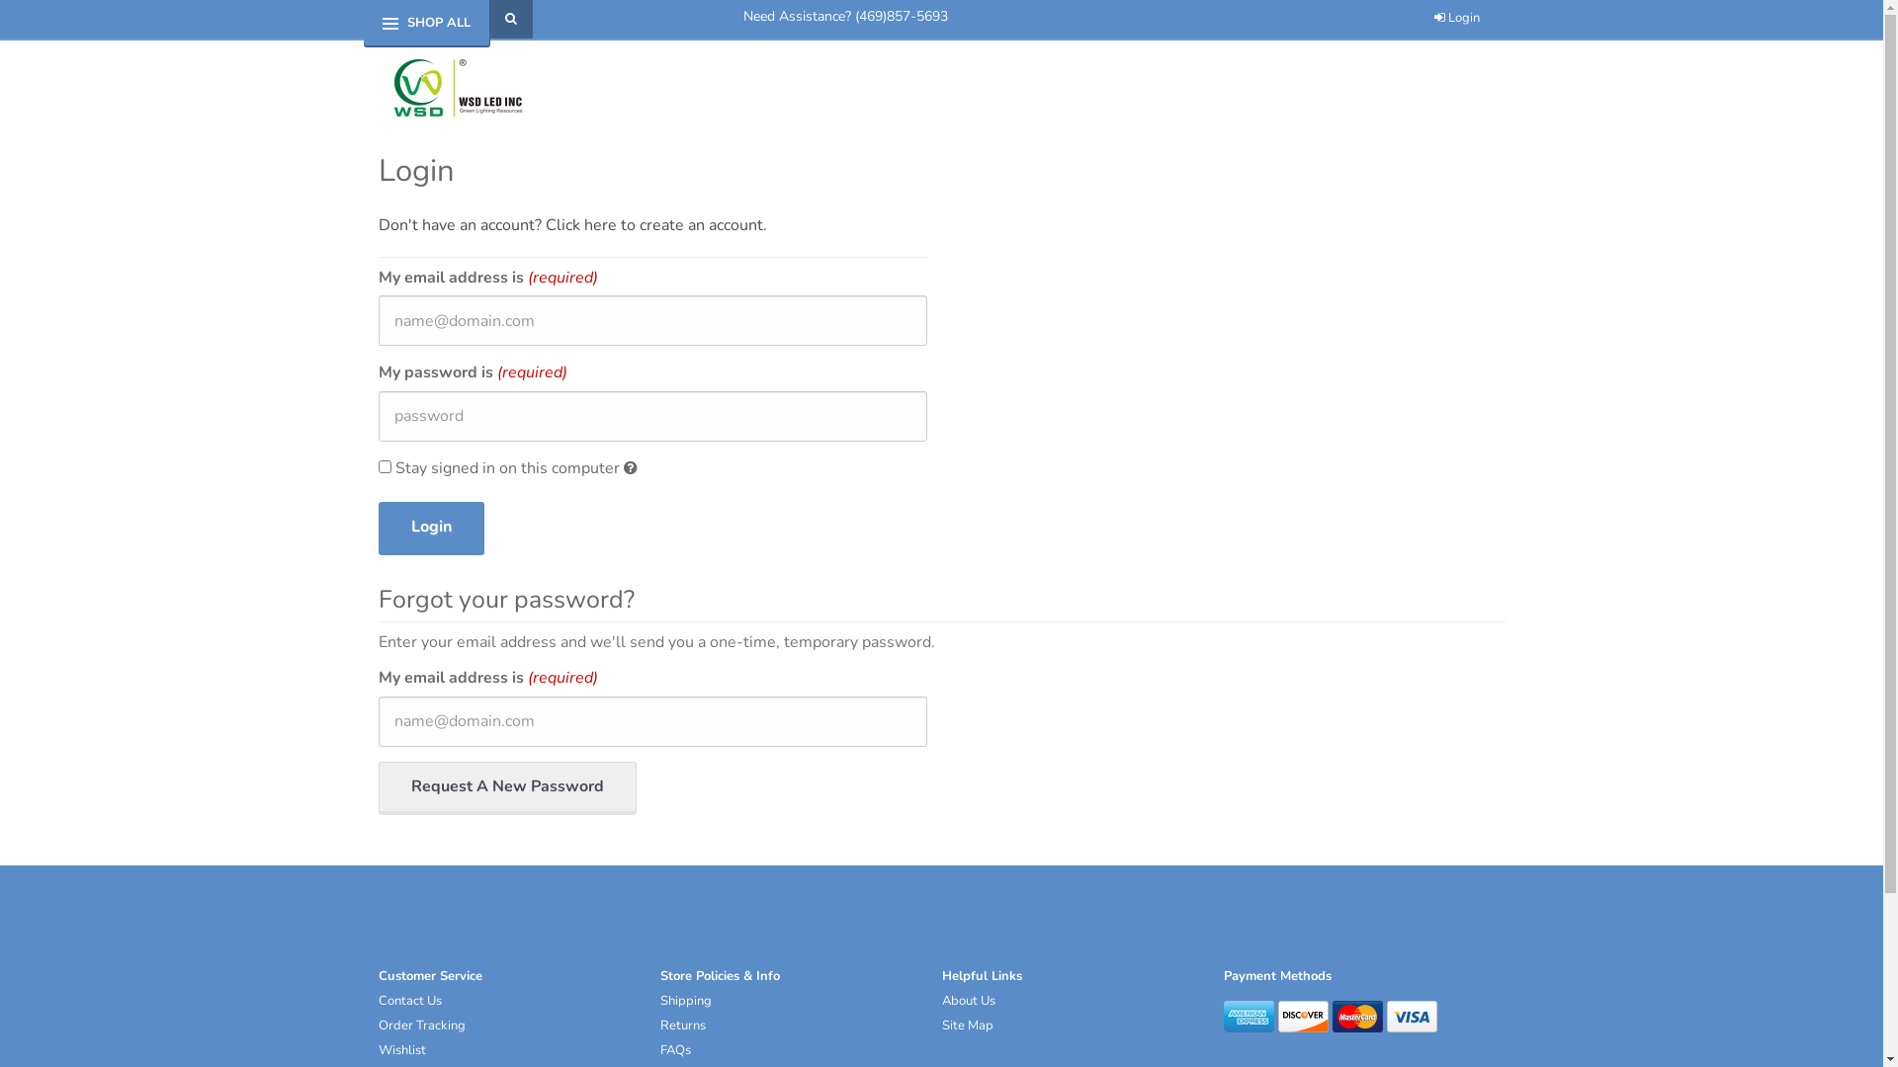  I want to click on 'SHOP ALL', so click(438, 23).